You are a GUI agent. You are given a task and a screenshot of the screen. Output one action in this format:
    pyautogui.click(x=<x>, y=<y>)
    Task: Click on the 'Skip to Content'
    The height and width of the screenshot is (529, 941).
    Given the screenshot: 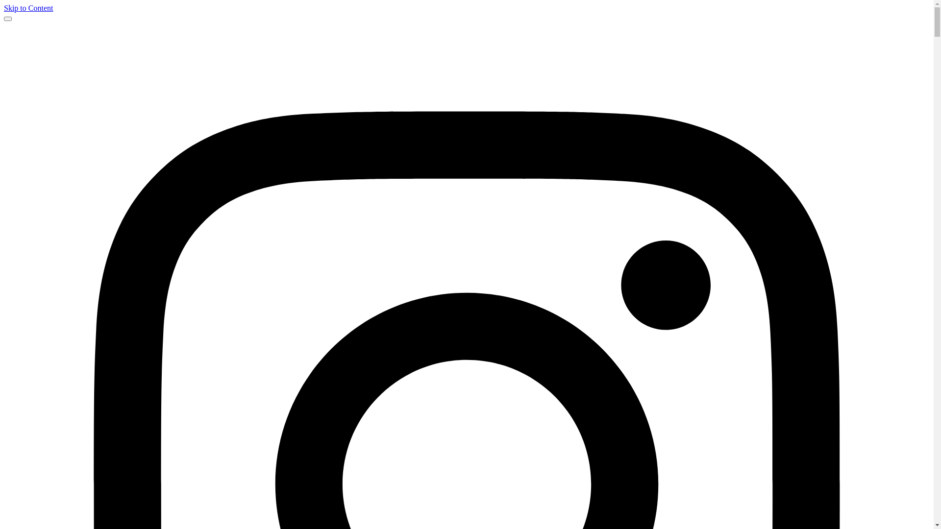 What is the action you would take?
    pyautogui.click(x=4, y=8)
    